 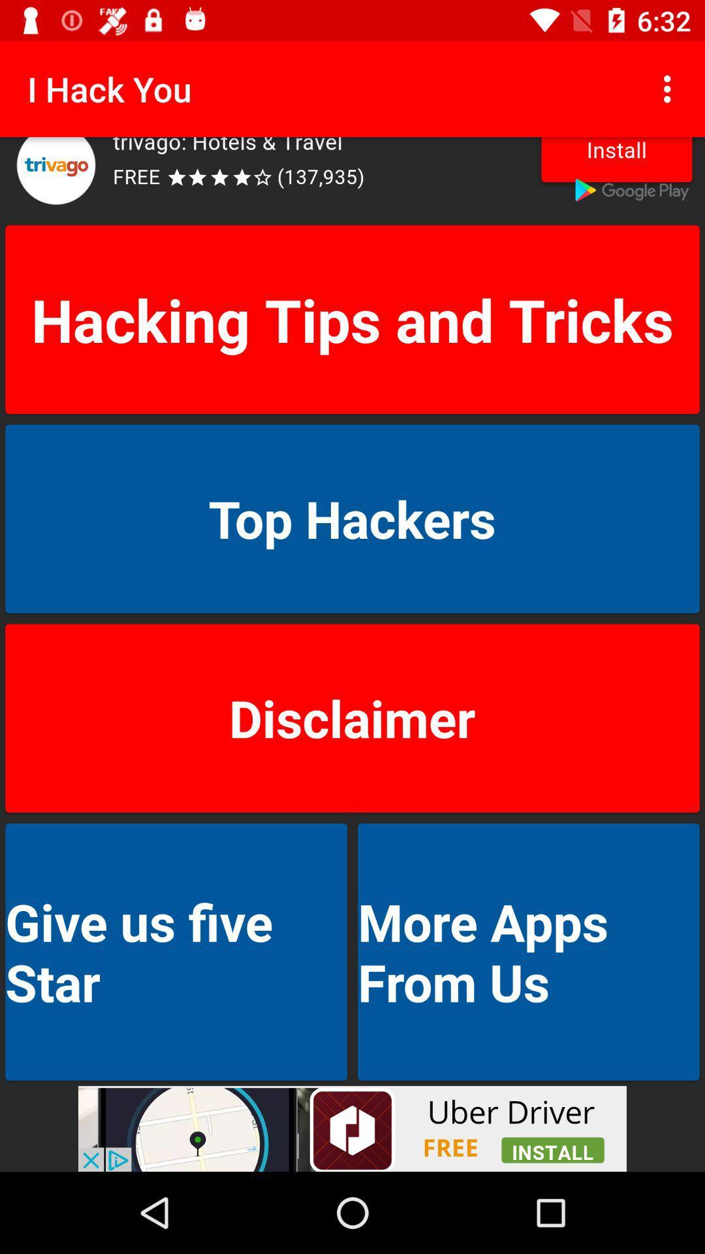 What do you see at coordinates (352, 178) in the screenshot?
I see `hotels travels option` at bounding box center [352, 178].